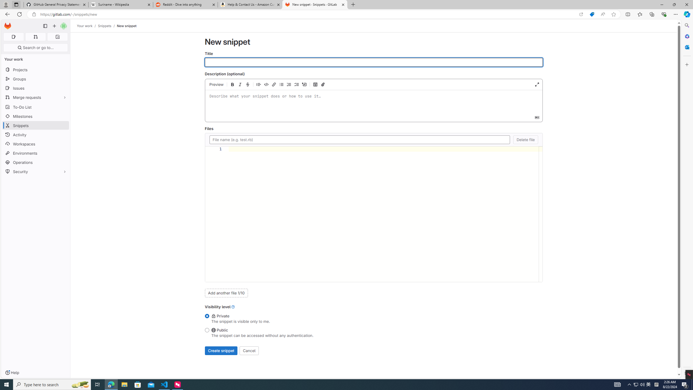  I want to click on 'Add strikethrough text (Ctrl+Shift+X)', so click(247, 84).